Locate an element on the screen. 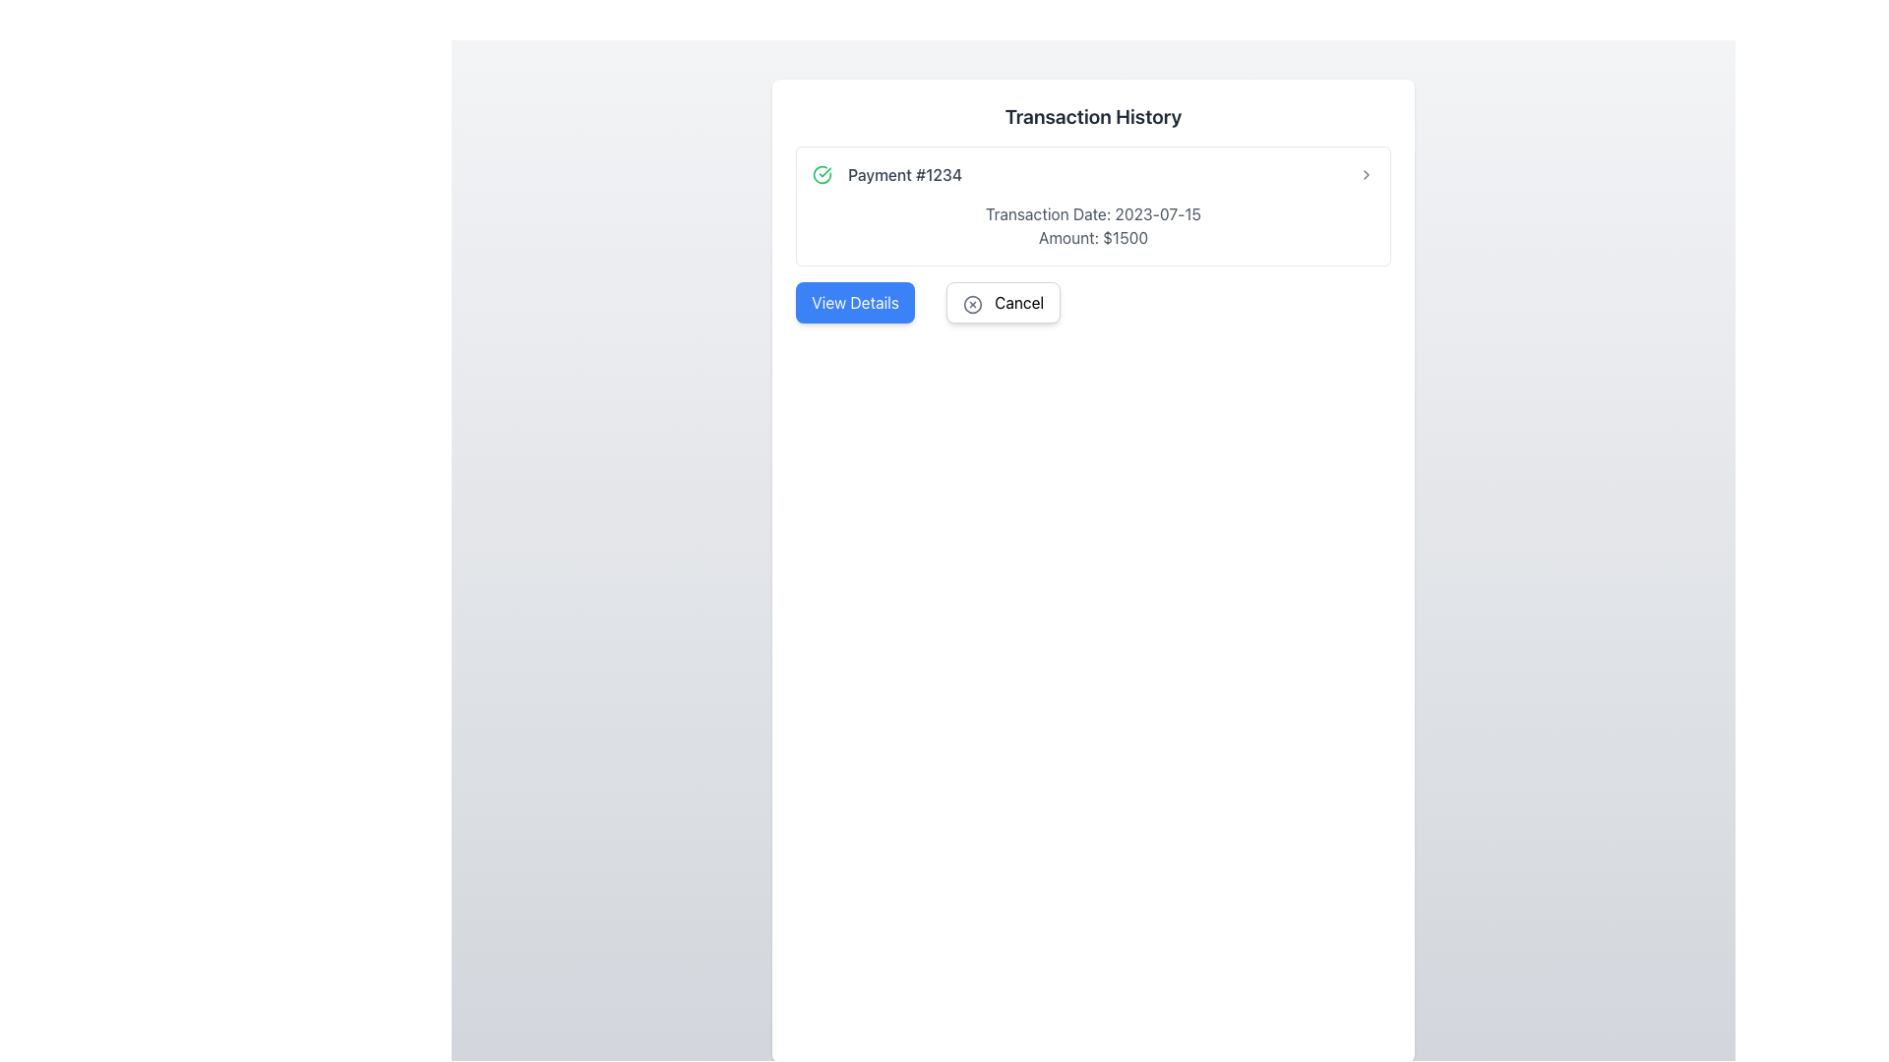 Image resolution: width=1889 pixels, height=1062 pixels. displayed information from the text block that shows 'Transaction Date: 2023-07-15' and 'Amount: $1500', which is centrally located in a rounded rectangle below the 'Payment #1234' label is located at coordinates (1092, 225).